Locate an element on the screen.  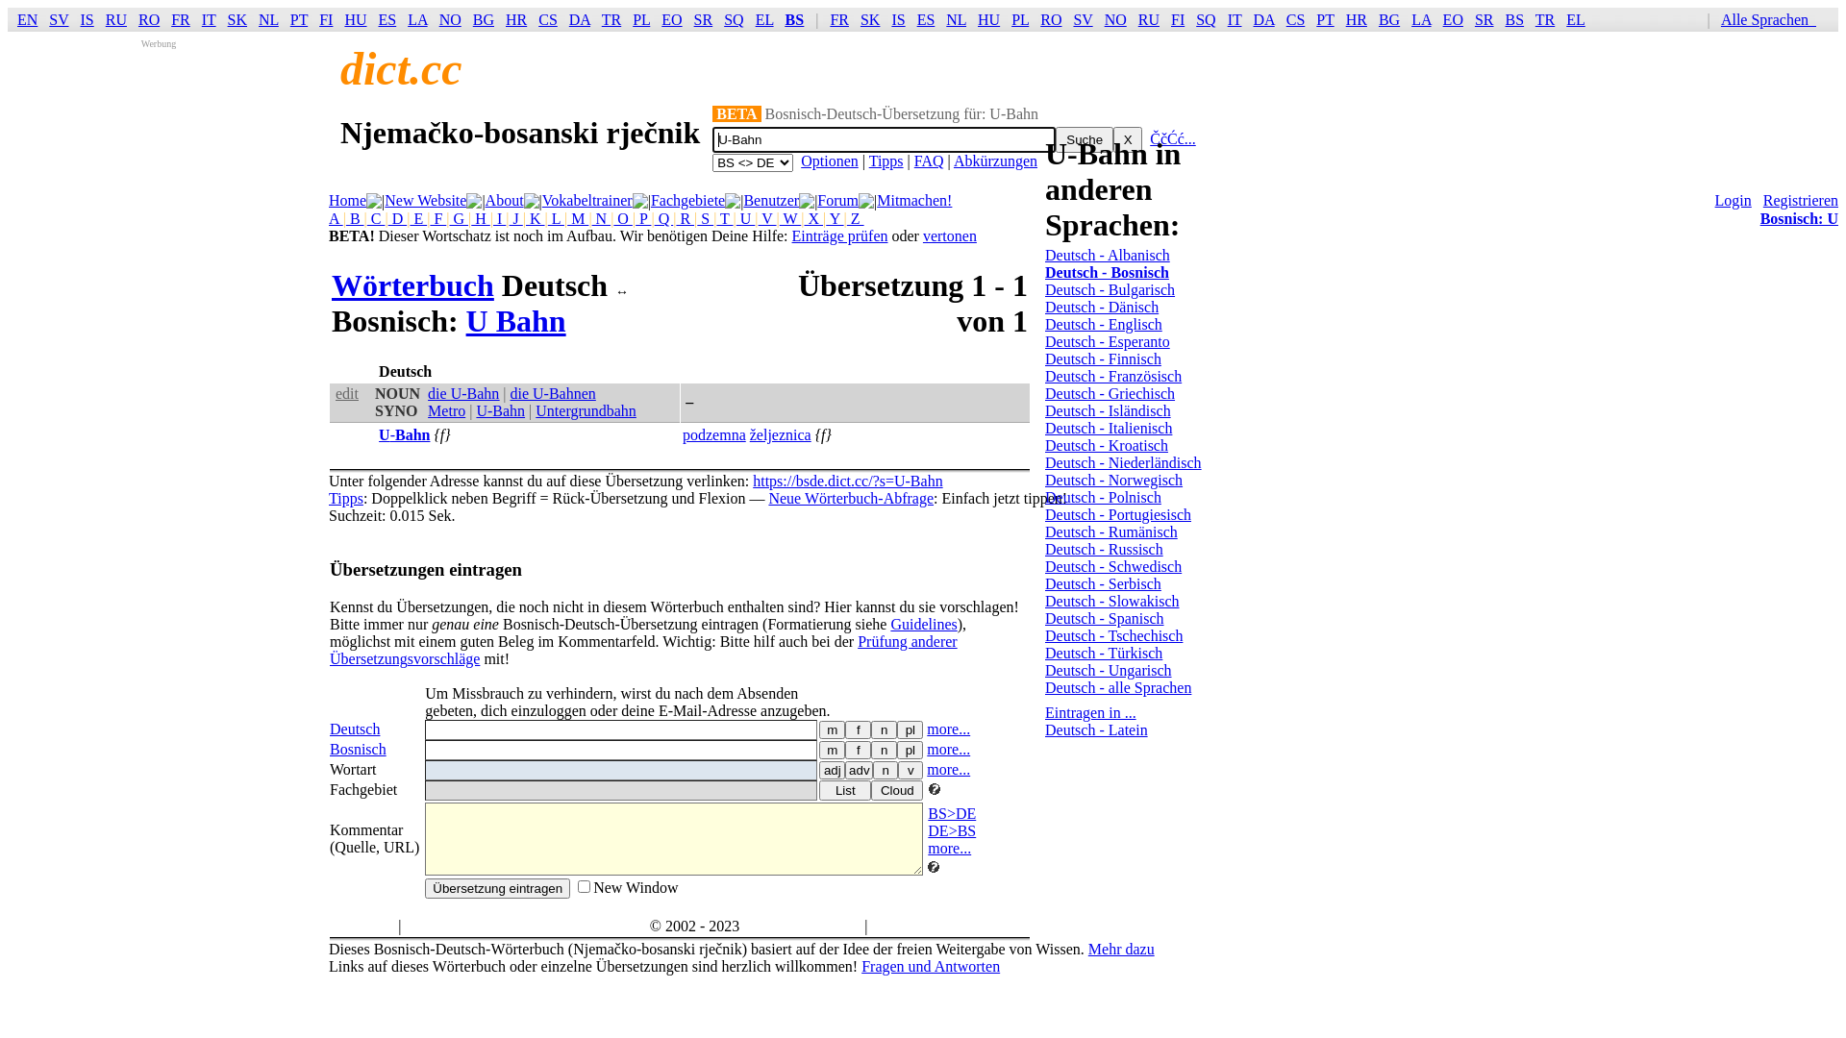
'Deutsch - Serbisch' is located at coordinates (1103, 582).